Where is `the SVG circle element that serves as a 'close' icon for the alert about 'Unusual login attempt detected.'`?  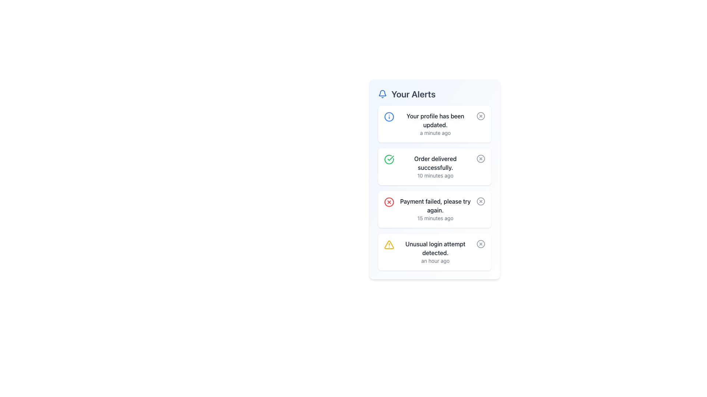
the SVG circle element that serves as a 'close' icon for the alert about 'Unusual login attempt detected.' is located at coordinates (481, 244).